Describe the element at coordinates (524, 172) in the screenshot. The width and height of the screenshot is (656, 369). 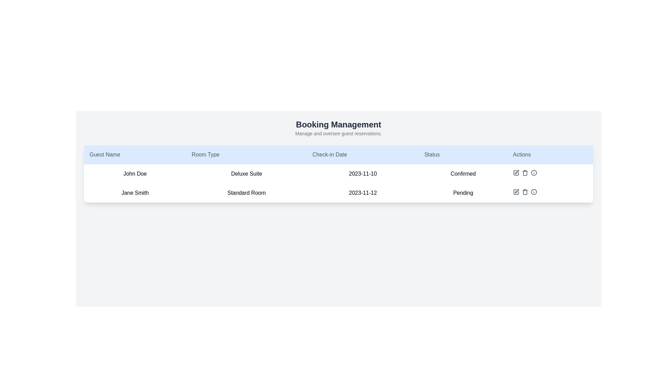
I see `the delete icon button located under the 'Actions' column next to the 'Confirmed' status` at that location.